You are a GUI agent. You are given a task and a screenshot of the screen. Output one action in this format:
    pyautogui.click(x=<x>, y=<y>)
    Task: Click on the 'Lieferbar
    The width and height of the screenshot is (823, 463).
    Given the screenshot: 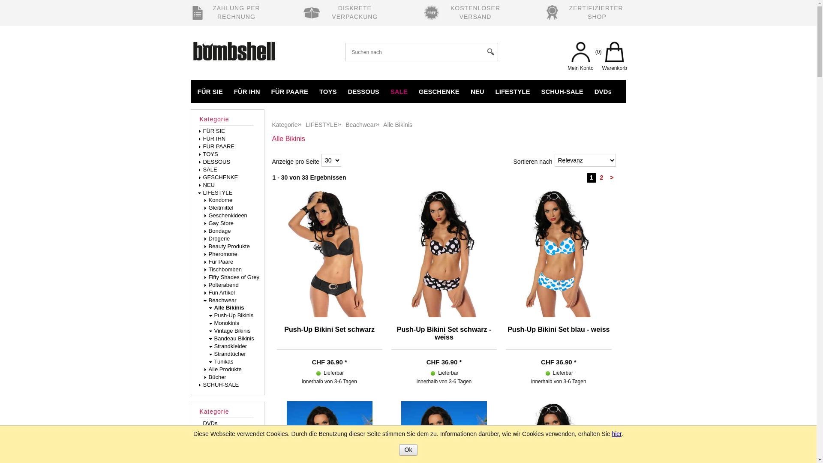 What is the action you would take?
    pyautogui.click(x=430, y=373)
    